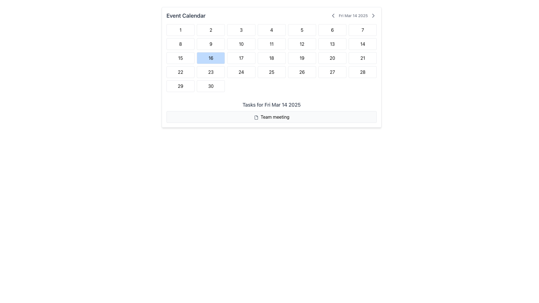 Image resolution: width=539 pixels, height=303 pixels. I want to click on the button representing the date '8' in the calendar view, so click(181, 44).